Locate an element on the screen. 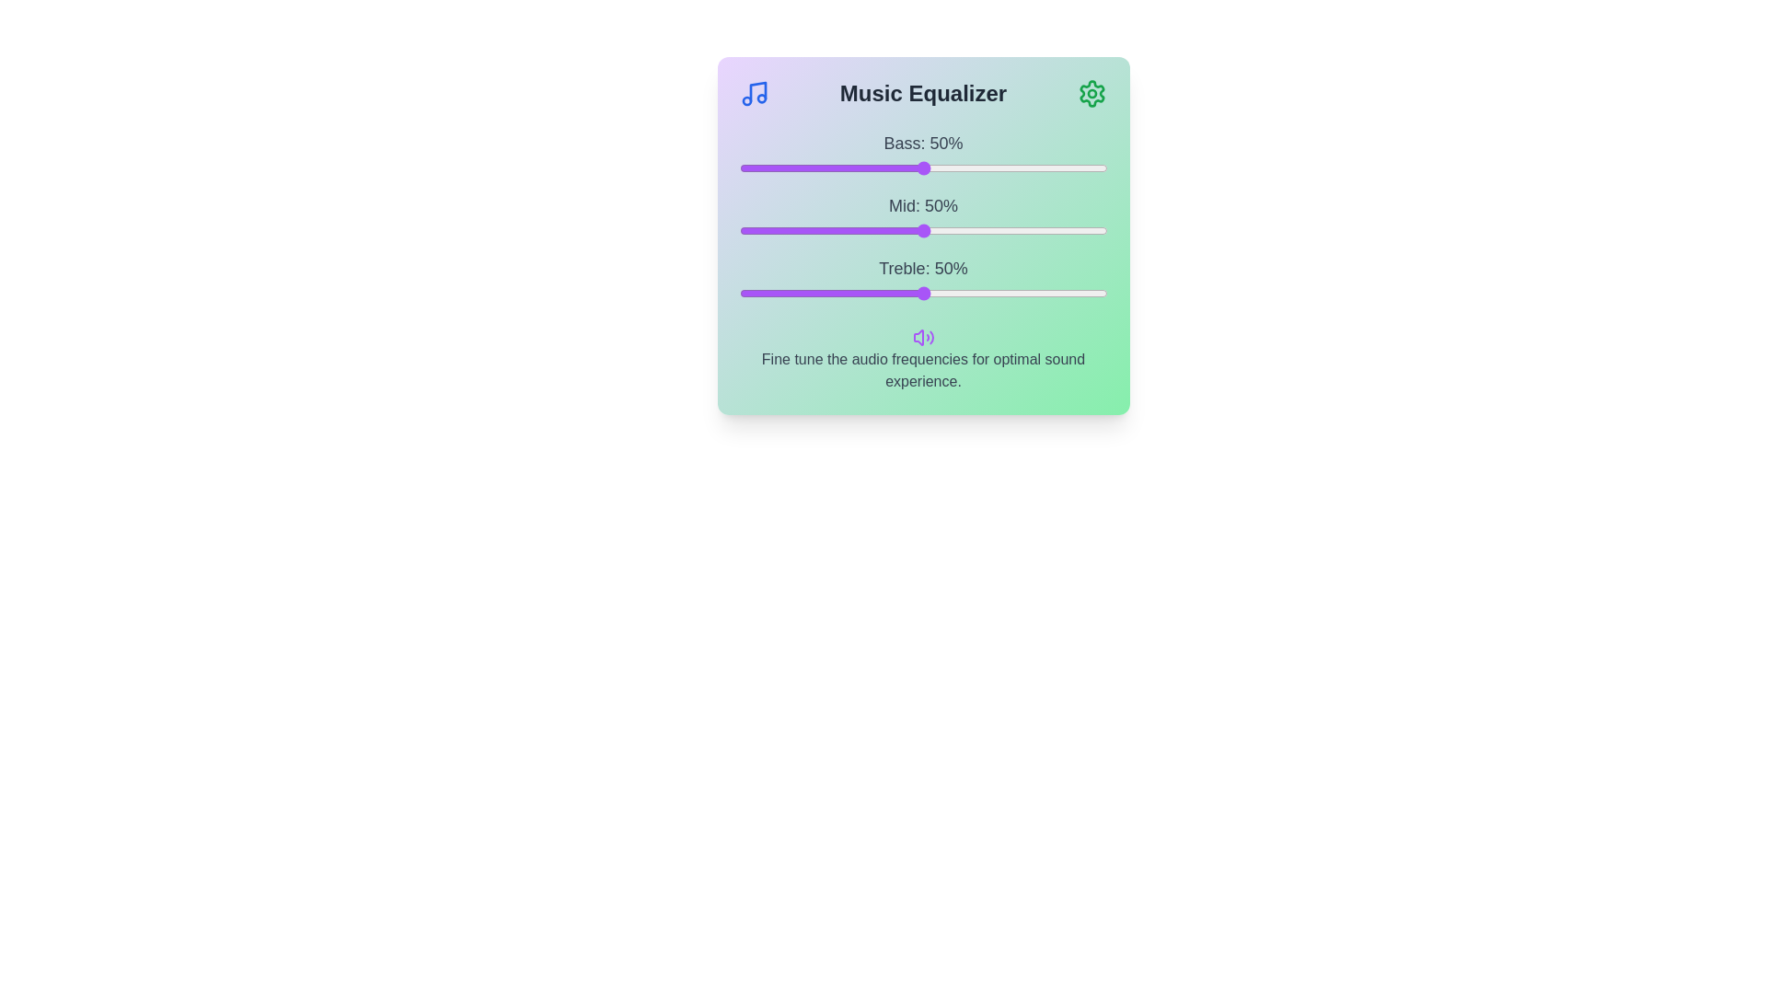 The image size is (1767, 994). the settings icon located at the top-right corner of the Music Equalizer component is located at coordinates (1092, 93).